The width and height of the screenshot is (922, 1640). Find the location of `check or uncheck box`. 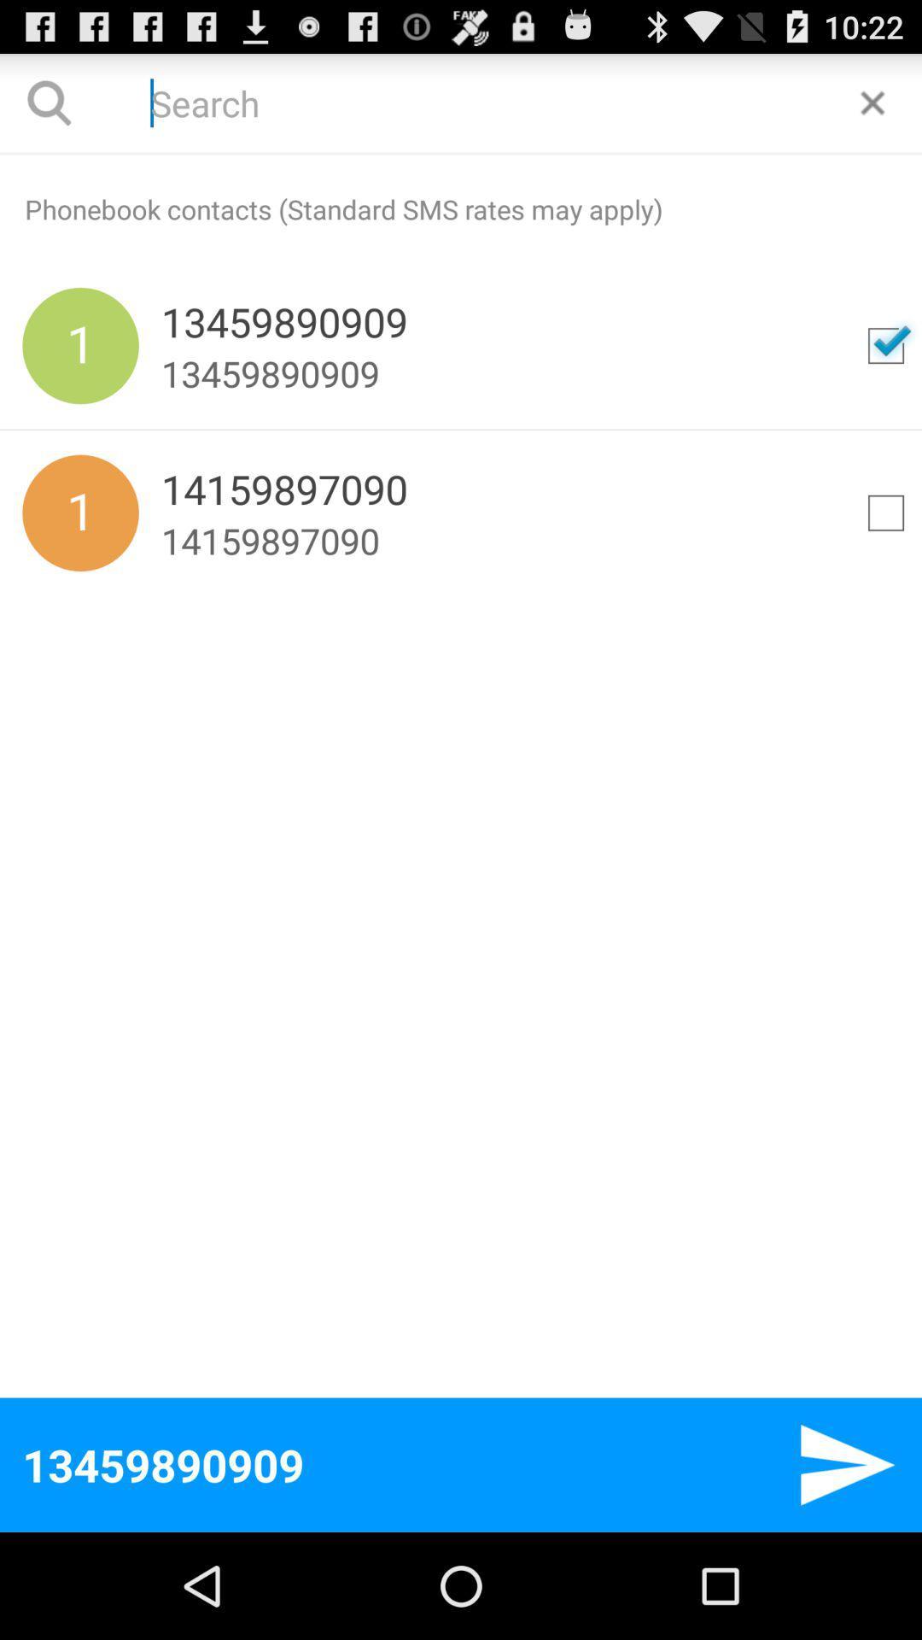

check or uncheck box is located at coordinates (884, 344).